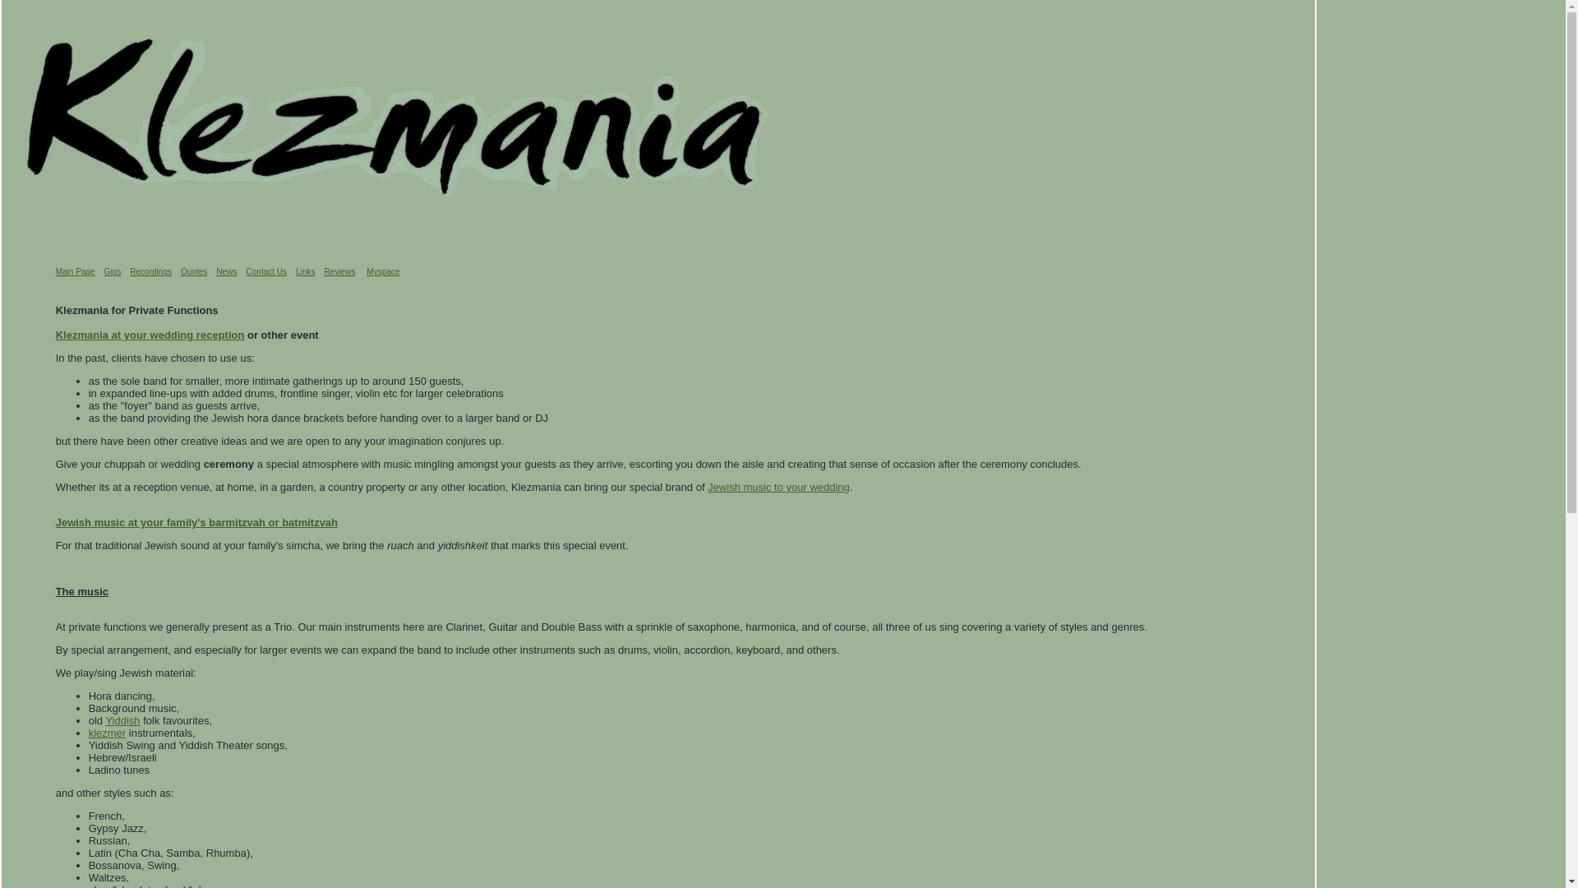 The width and height of the screenshot is (1578, 888). I want to click on 'Klezmania at your wedding reception', so click(55, 334).